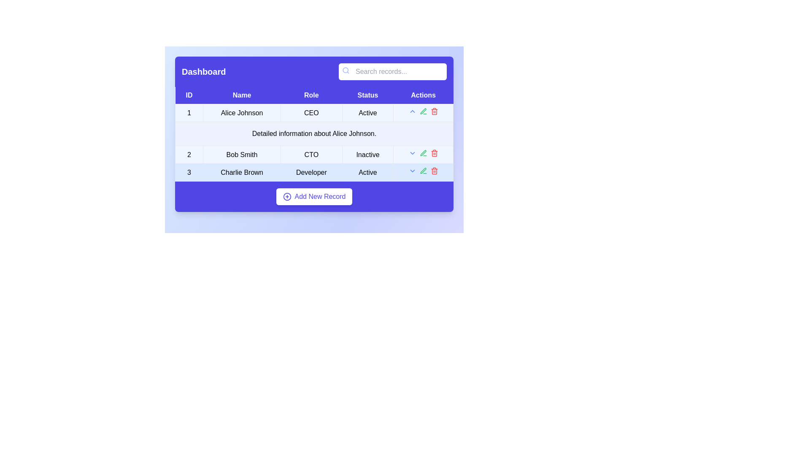 This screenshot has height=456, width=810. I want to click on the inner circle component of the magnifying glass icon located in the top-right section of the interface, adjacent to the search input box, so click(346, 70).